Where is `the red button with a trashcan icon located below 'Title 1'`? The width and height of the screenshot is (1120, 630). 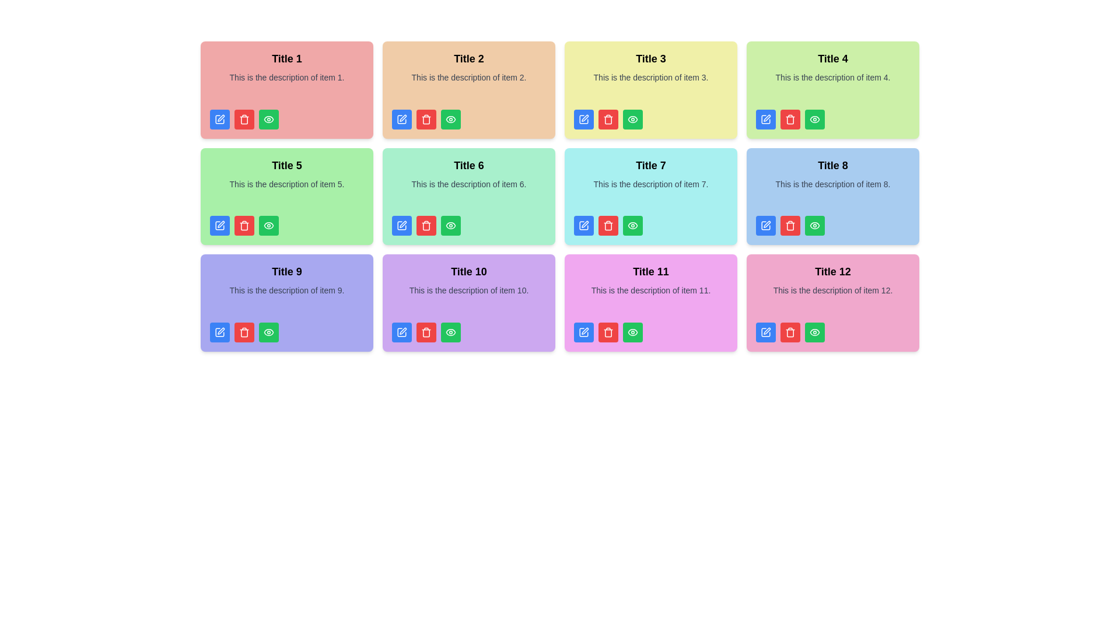
the red button with a trashcan icon located below 'Title 1' is located at coordinates (243, 119).